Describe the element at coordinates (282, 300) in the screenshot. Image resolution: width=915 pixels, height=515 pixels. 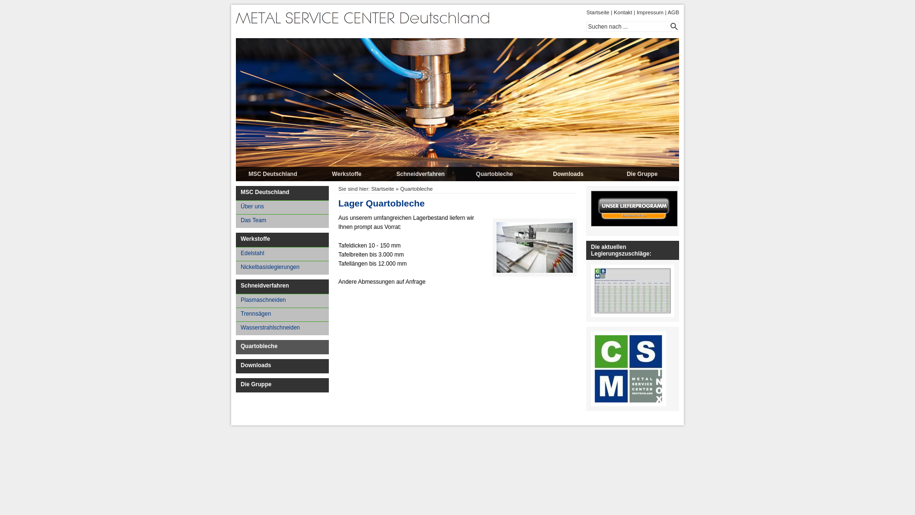
I see `'Plasmaschneiden'` at that location.